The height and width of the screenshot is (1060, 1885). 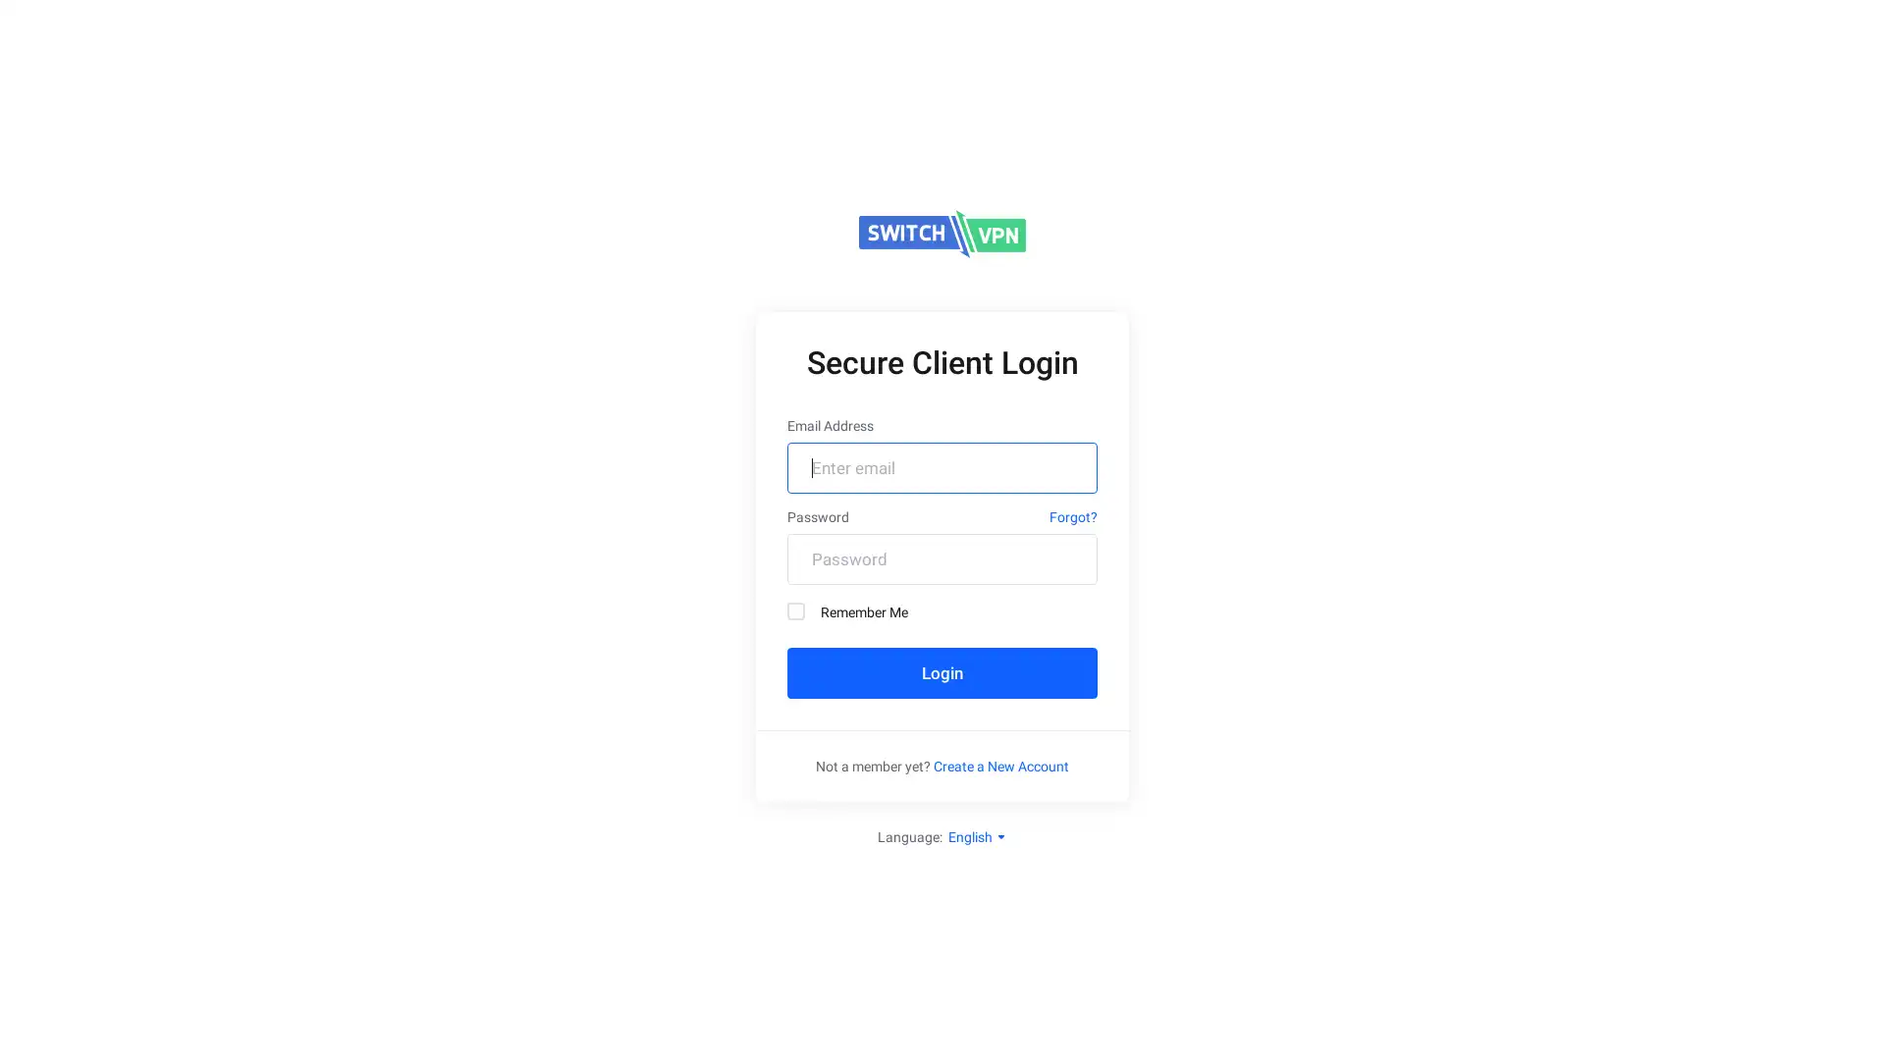 I want to click on Login, so click(x=942, y=672).